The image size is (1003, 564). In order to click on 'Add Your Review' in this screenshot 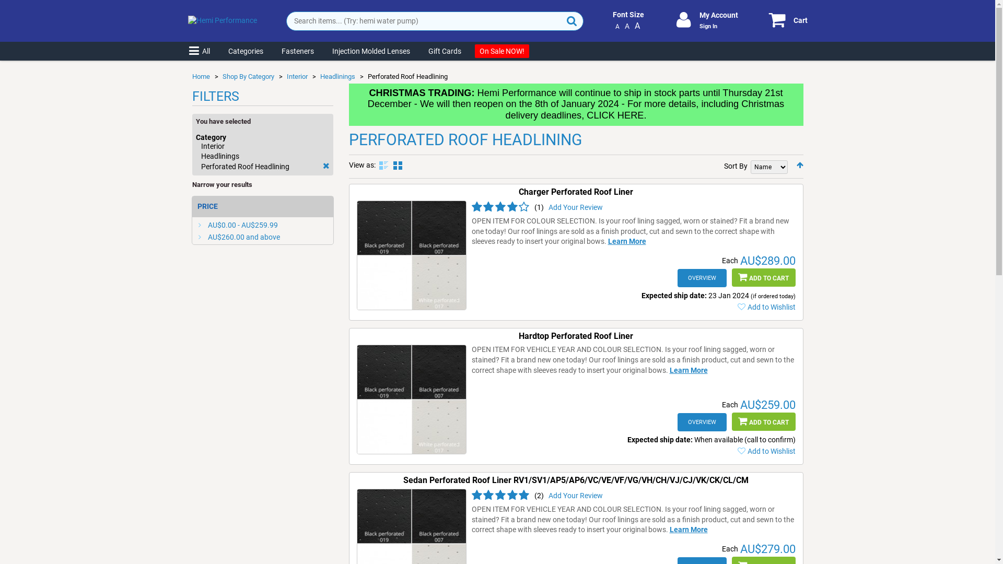, I will do `click(575, 207)`.